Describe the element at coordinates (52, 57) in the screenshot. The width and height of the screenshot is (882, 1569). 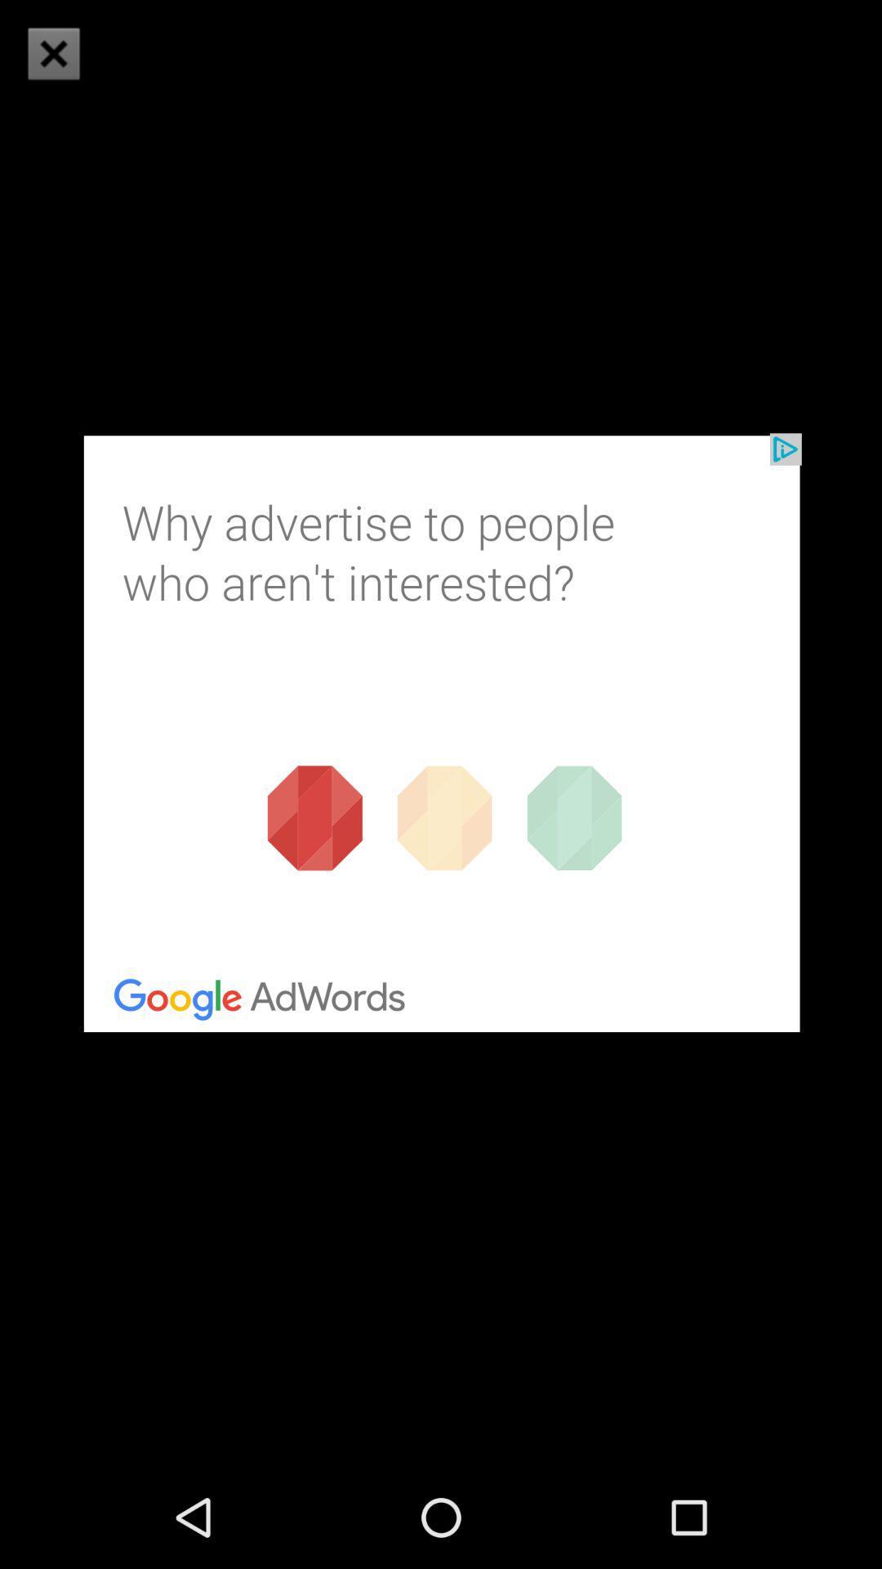
I see `the close icon` at that location.